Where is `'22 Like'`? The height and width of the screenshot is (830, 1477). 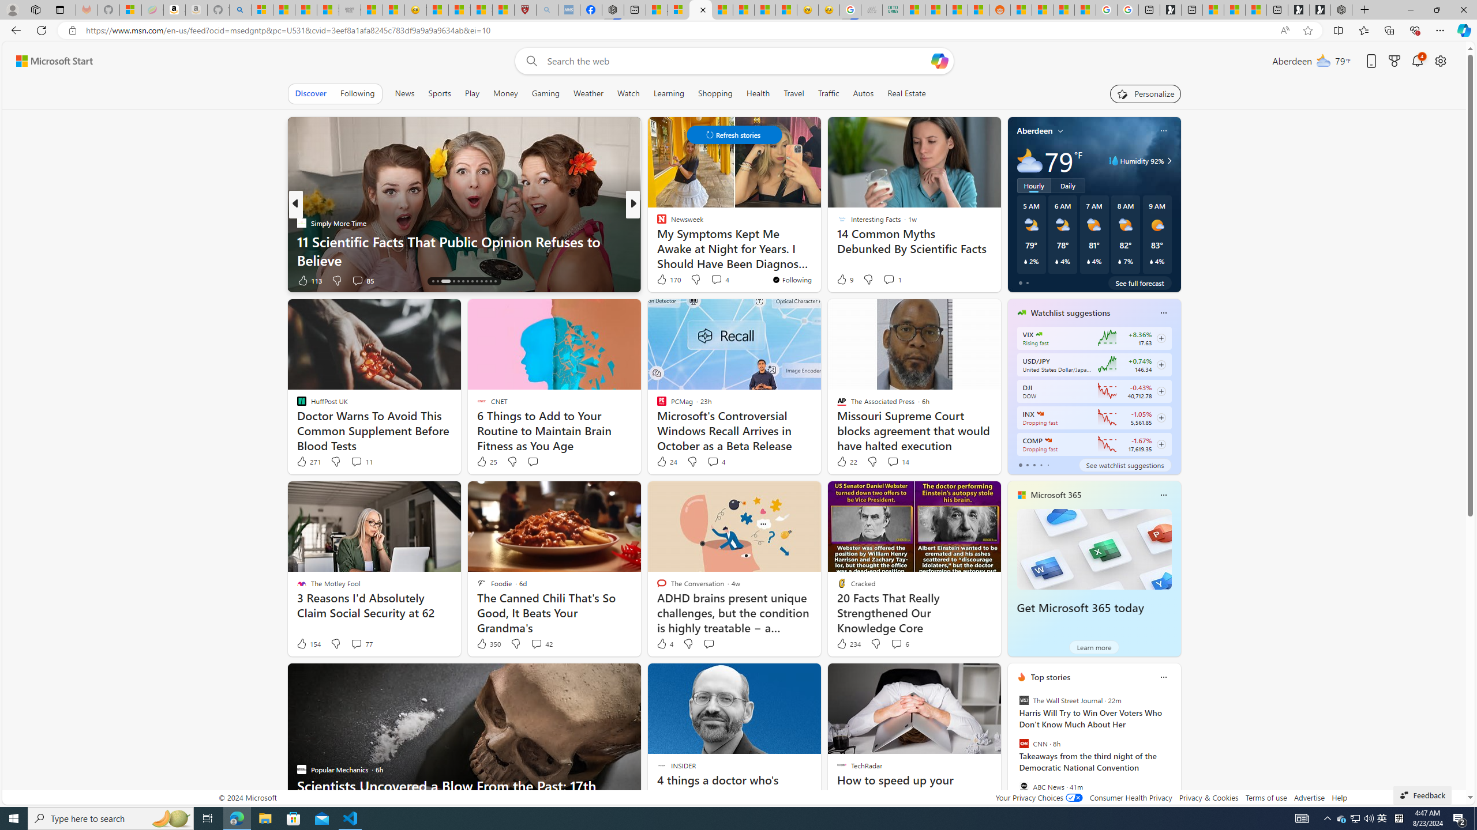
'22 Like' is located at coordinates (846, 461).